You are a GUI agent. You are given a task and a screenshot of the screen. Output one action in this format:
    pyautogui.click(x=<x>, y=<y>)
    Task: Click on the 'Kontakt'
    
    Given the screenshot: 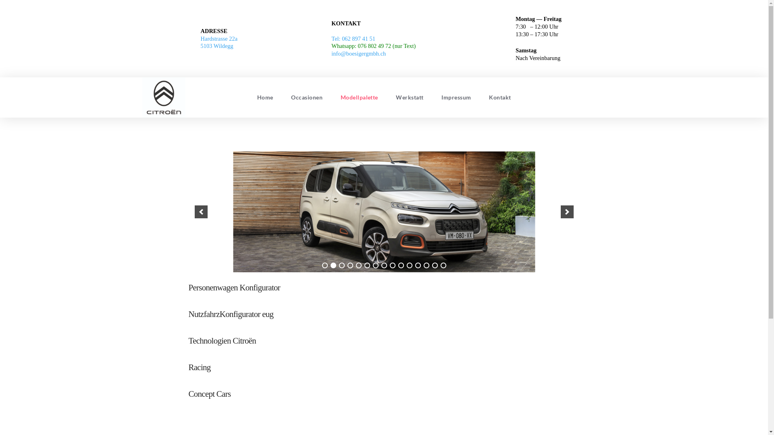 What is the action you would take?
    pyautogui.click(x=499, y=97)
    